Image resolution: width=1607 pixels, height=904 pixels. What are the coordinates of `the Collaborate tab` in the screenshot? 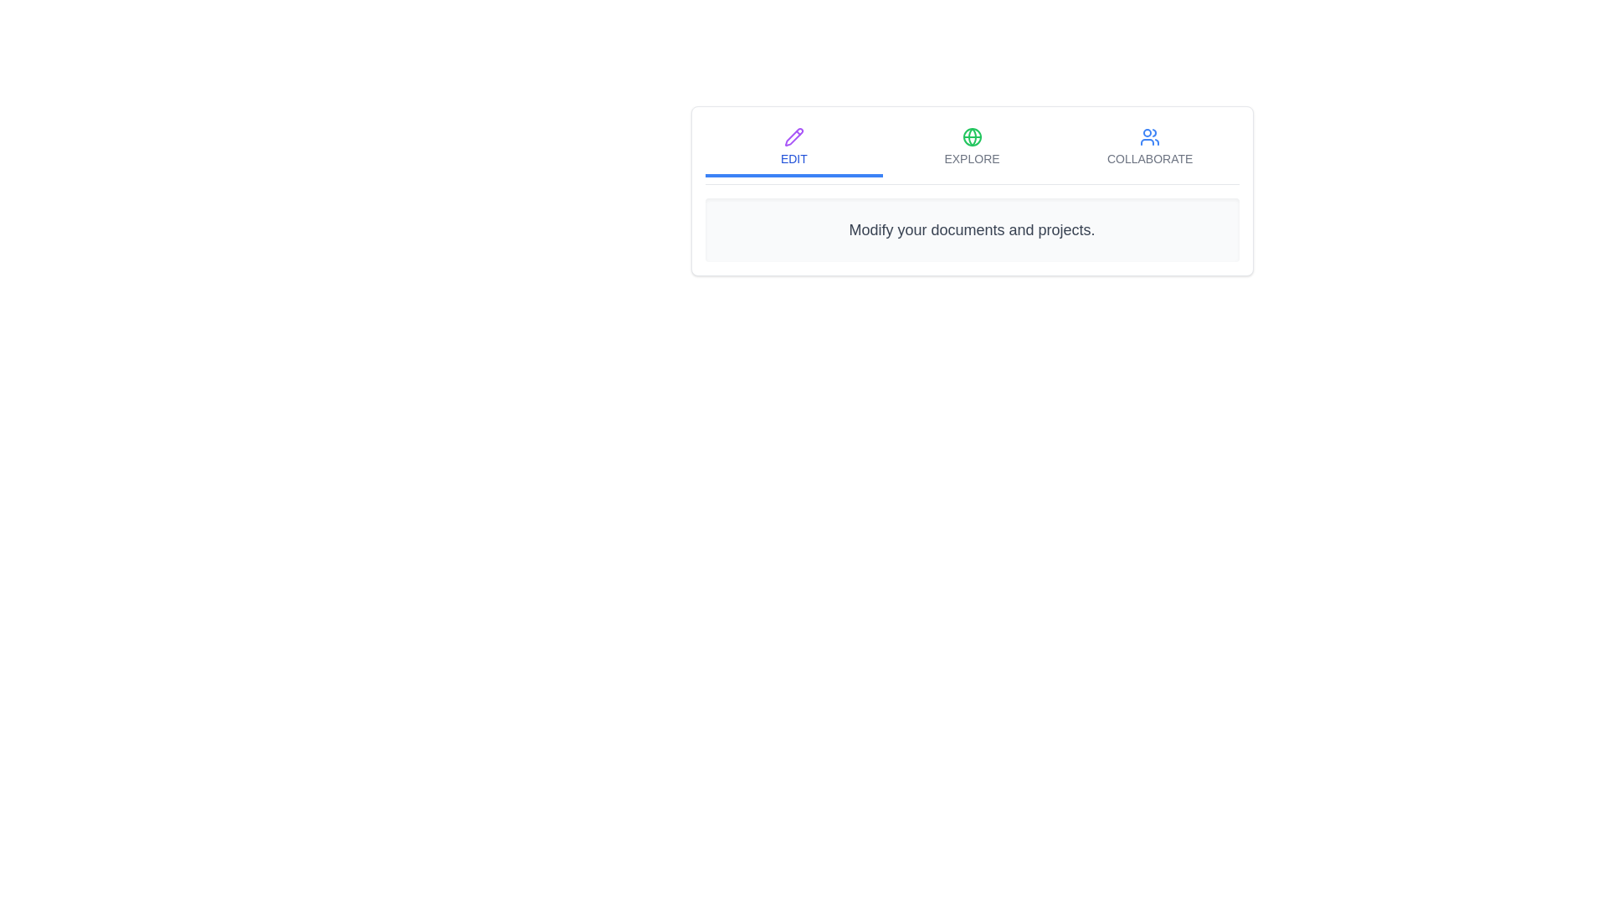 It's located at (1149, 147).